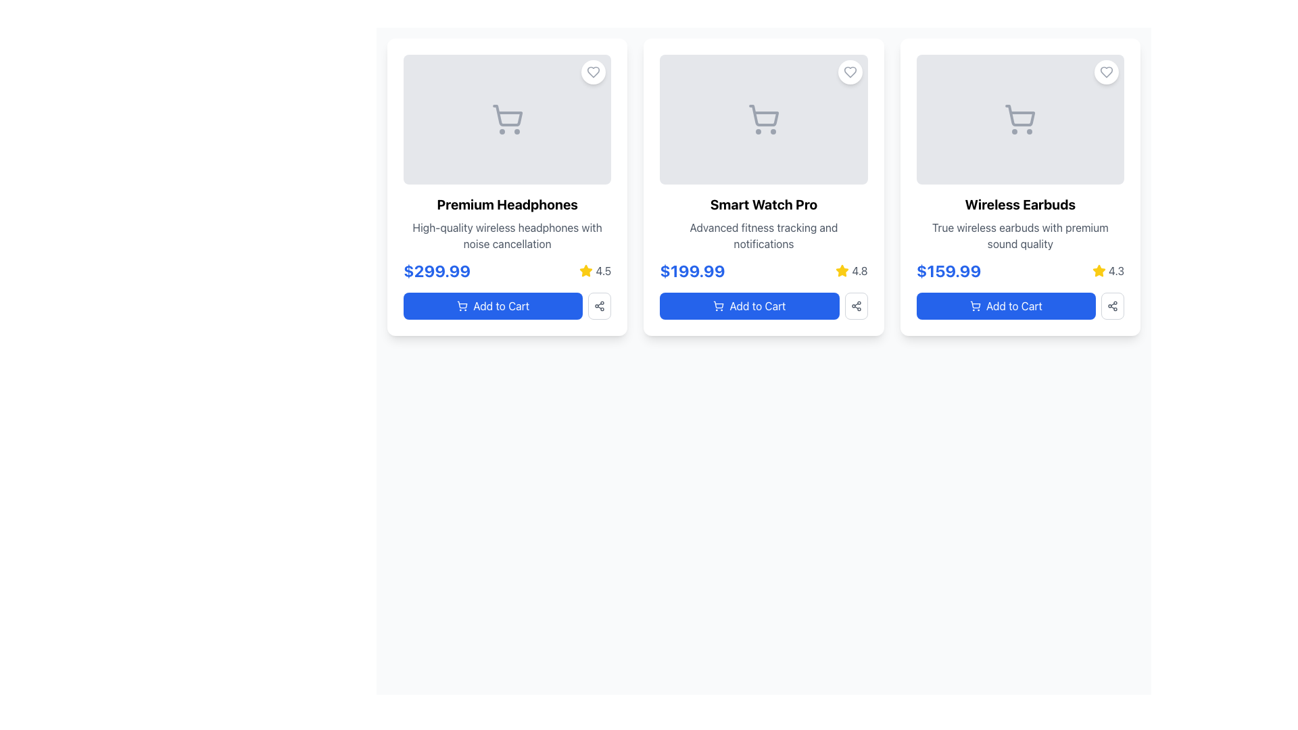  What do you see at coordinates (1020, 271) in the screenshot?
I see `the price and rating element displaying '$159.99' and '4.3' stars located in the 'Wireless Earbuds' product card in the third column of the product grid` at bounding box center [1020, 271].